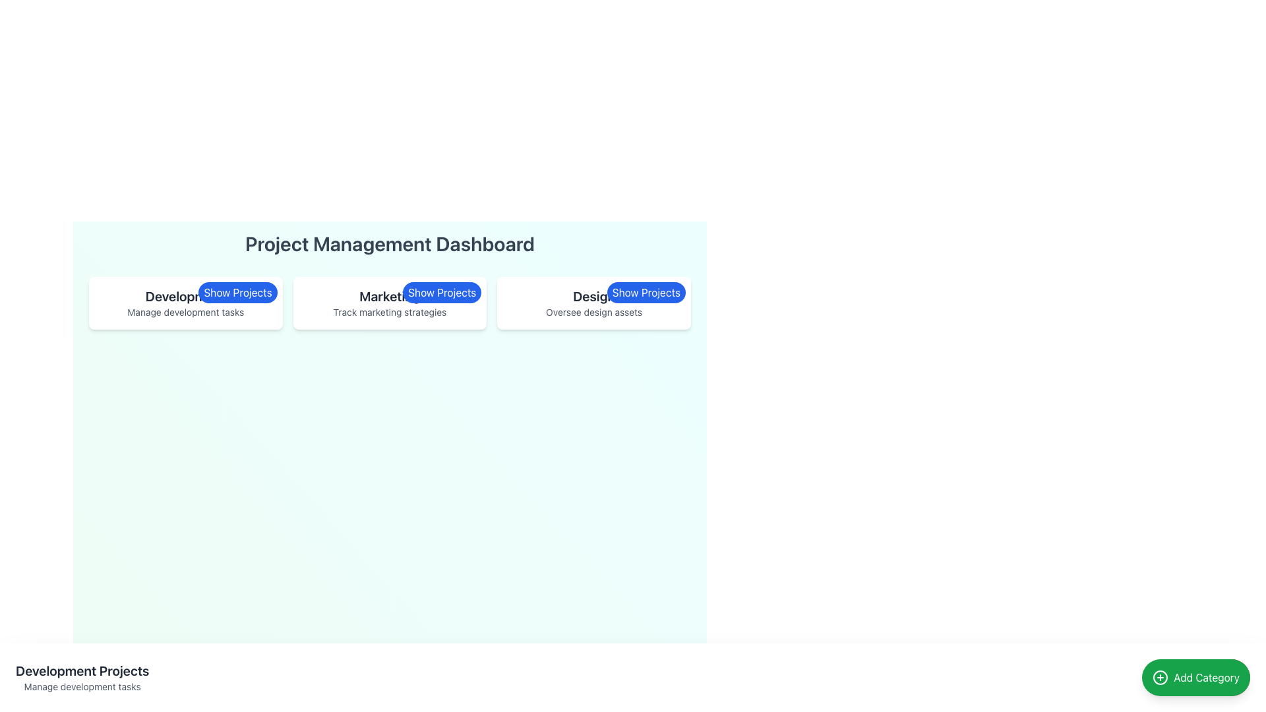 The image size is (1266, 712). I want to click on the text label that reads 'Oversee design assets', which is styled in a smaller-sized, gray font and located within a card beneath the 'Design' header, so click(593, 312).